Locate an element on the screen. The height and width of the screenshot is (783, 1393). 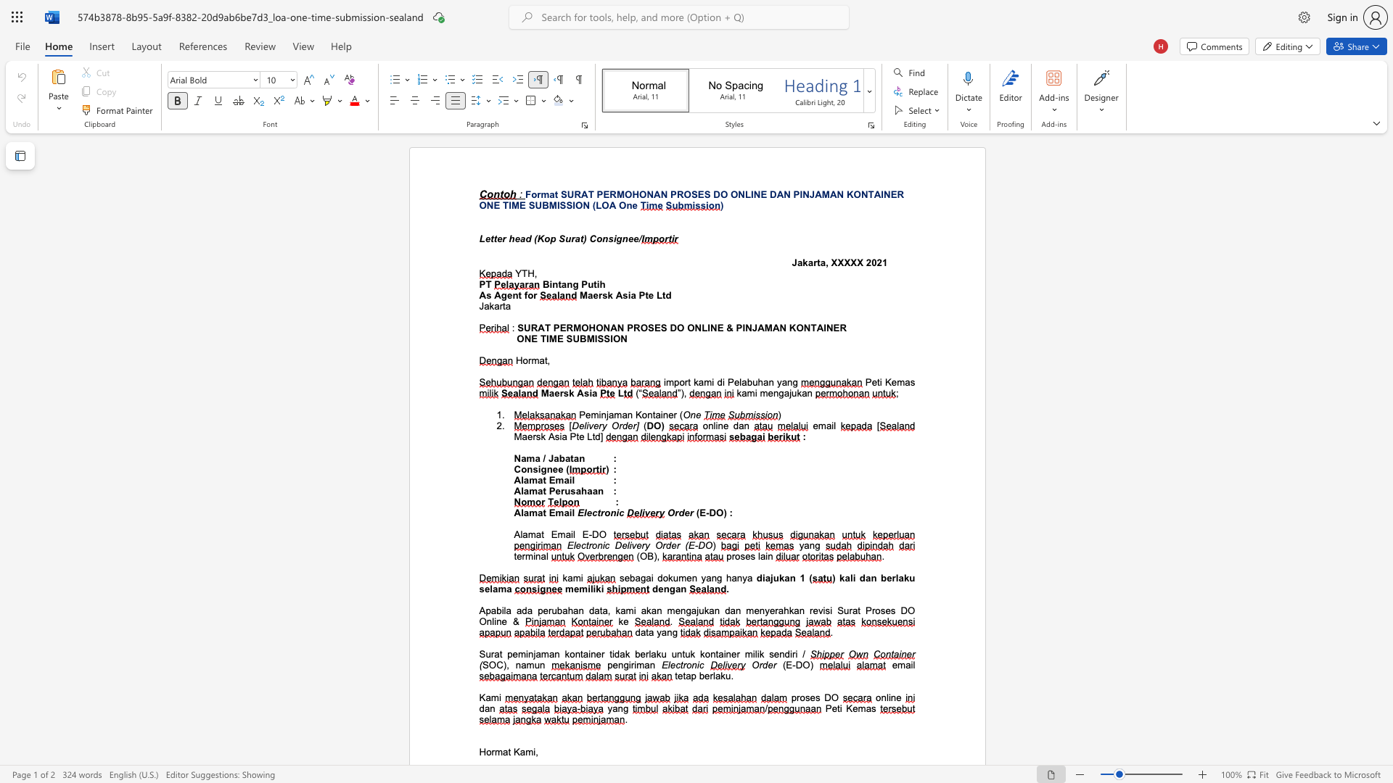
the space between the continuous character "A" and "l" in the text is located at coordinates (519, 490).